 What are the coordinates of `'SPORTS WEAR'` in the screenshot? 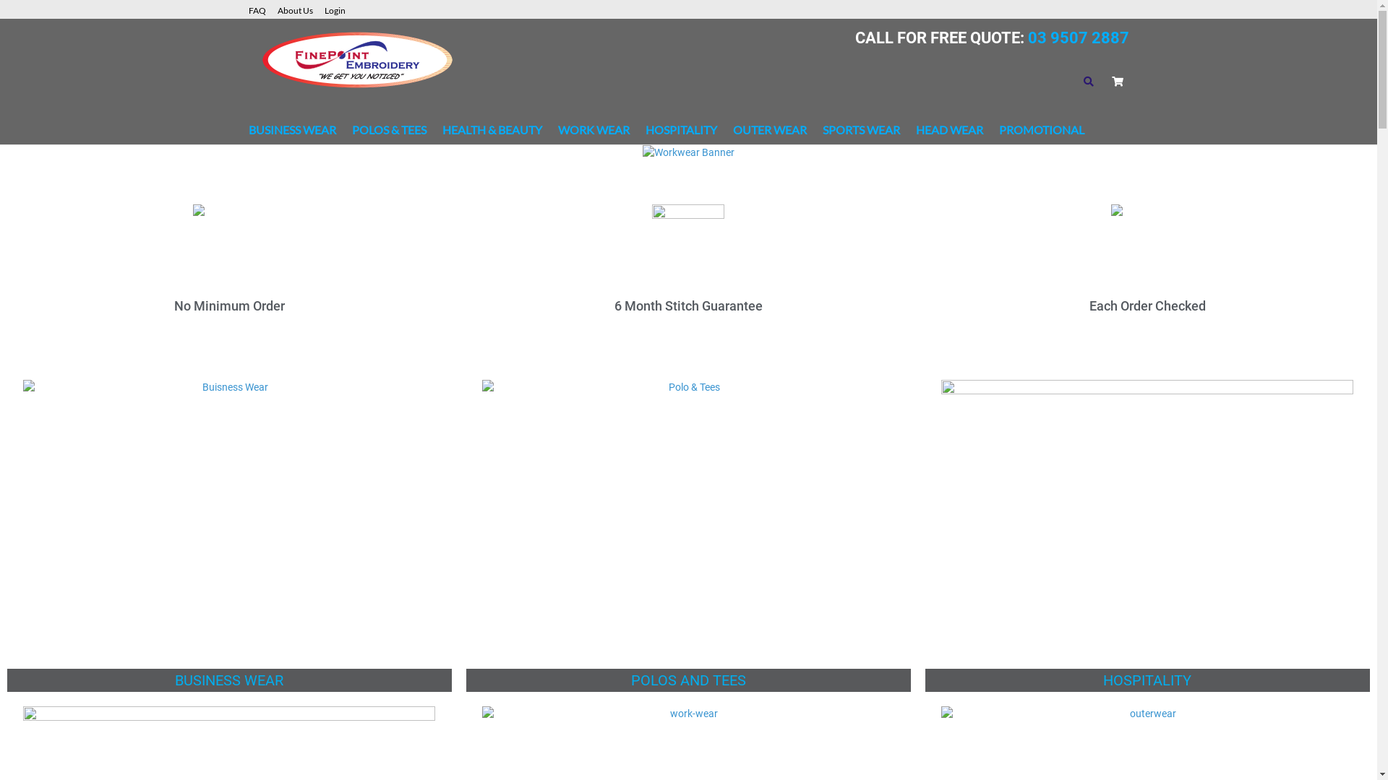 It's located at (861, 130).